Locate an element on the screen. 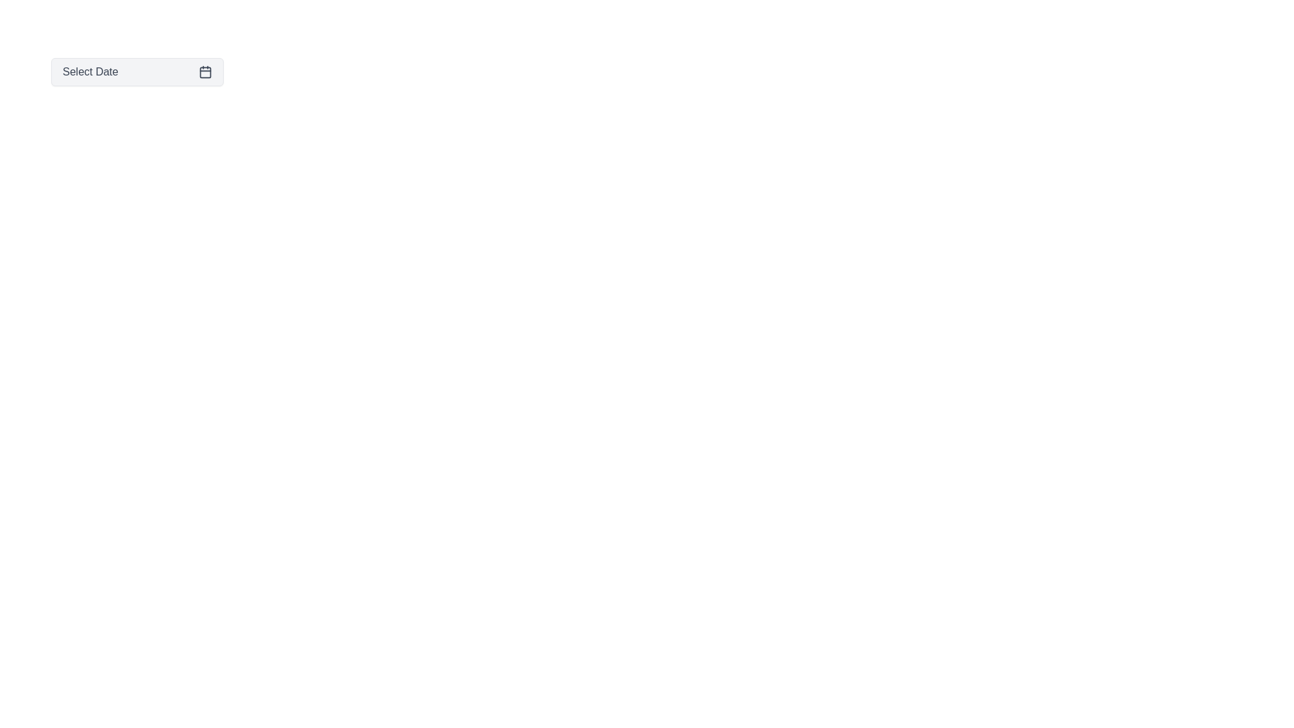 This screenshot has height=728, width=1294. the calendar icon located at the far right of the button labeled 'Select Date' is located at coordinates (205, 72).